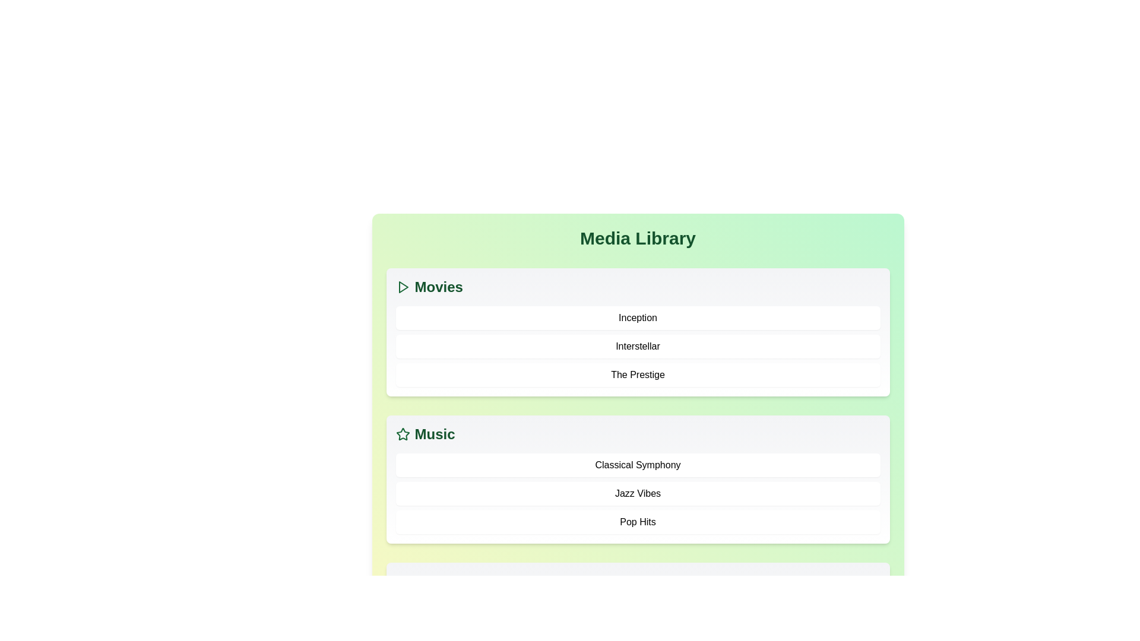 This screenshot has height=641, width=1140. What do you see at coordinates (438, 287) in the screenshot?
I see `the 'Movies' category header` at bounding box center [438, 287].